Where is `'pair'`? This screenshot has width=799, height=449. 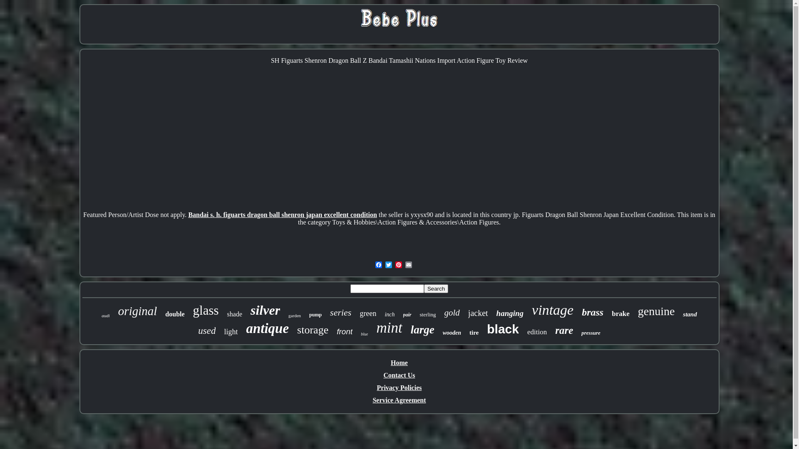
'pair' is located at coordinates (403, 315).